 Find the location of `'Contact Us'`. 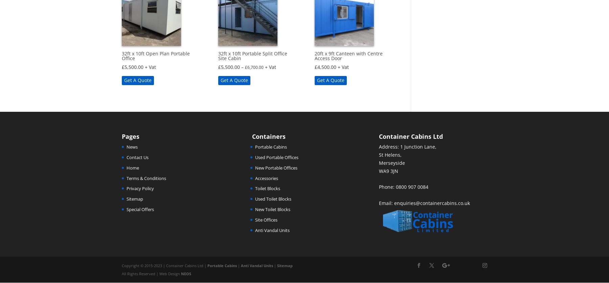

'Contact Us' is located at coordinates (137, 157).